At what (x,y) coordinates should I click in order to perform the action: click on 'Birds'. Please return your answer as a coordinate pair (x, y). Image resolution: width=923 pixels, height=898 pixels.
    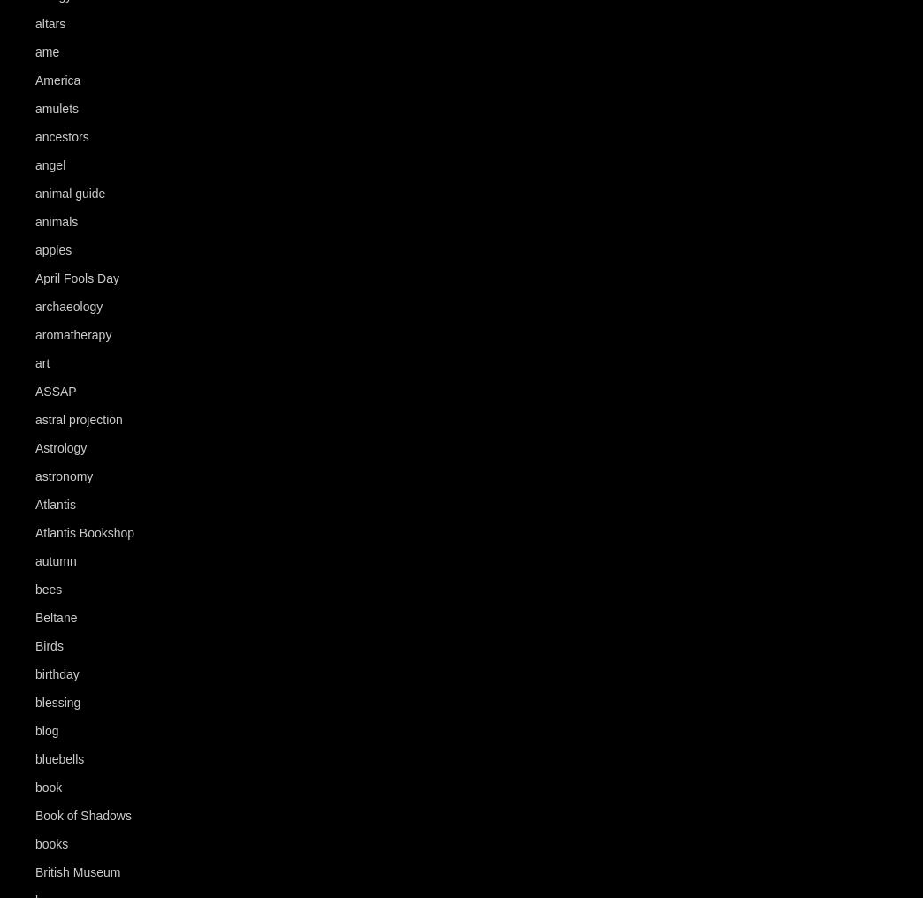
    Looking at the image, I should click on (34, 646).